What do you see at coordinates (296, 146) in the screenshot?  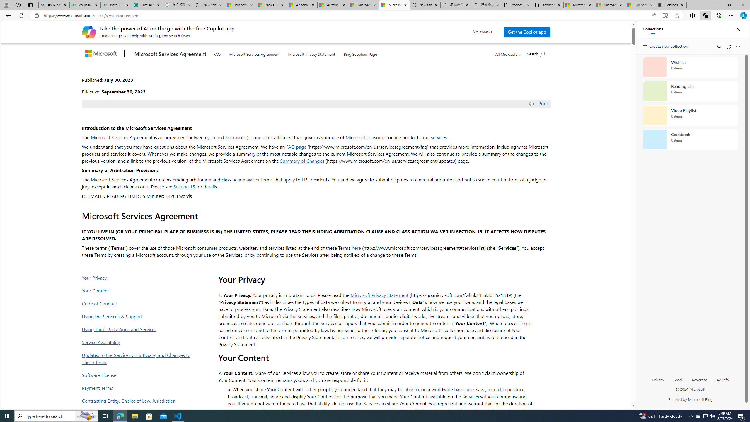 I see `'FAQ page'` at bounding box center [296, 146].